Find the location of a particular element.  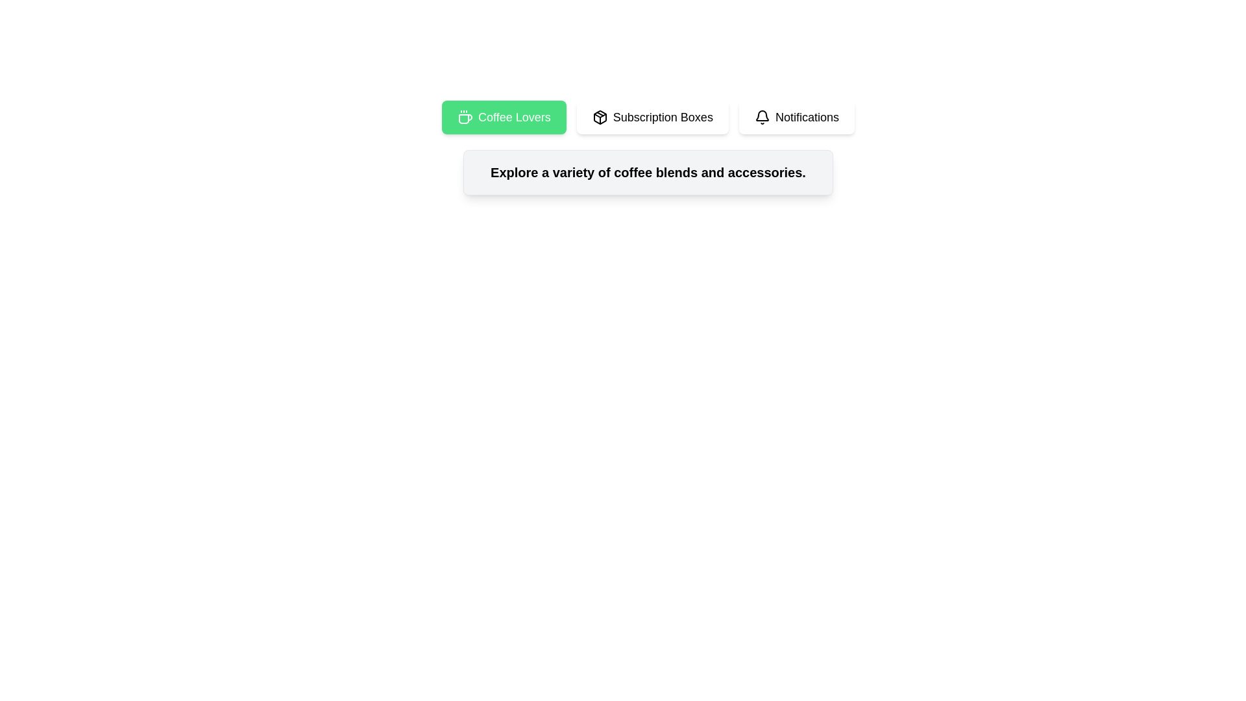

the 'Notifications' button, which is a horizontally aligned button with a bell icon and black text on a white background, located to the far right of the button group is located at coordinates (796, 117).